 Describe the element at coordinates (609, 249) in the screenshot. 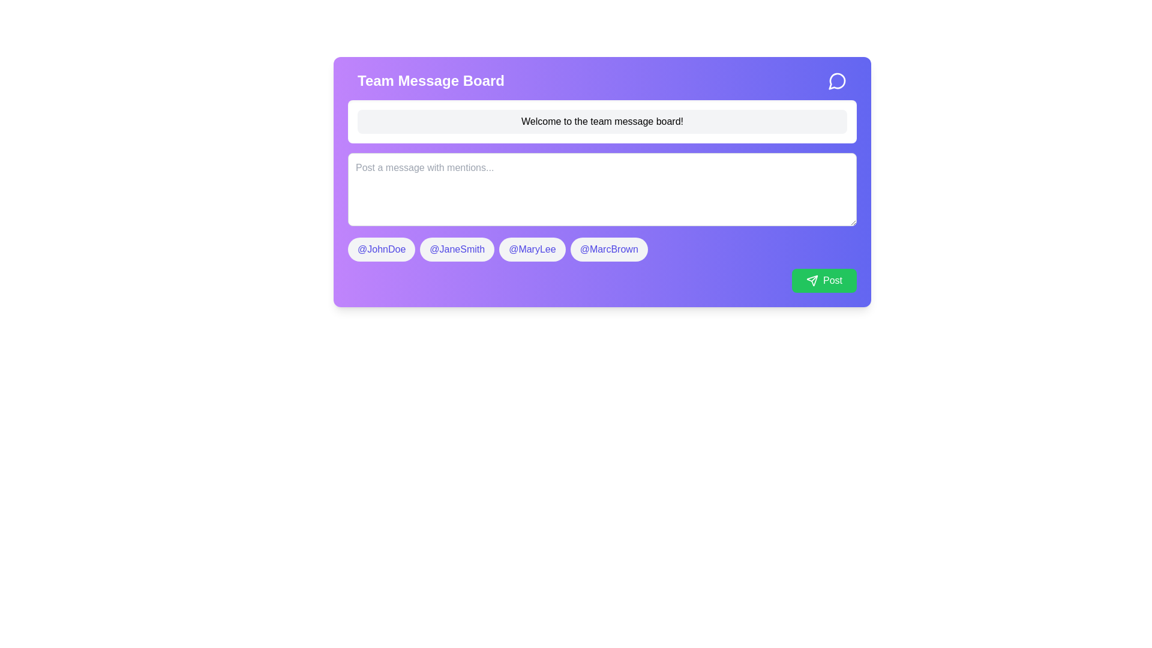

I see `the rounded rectangle button labeled '@MarcBrown' for reordering purposes, which is the fourth button in a horizontal sequence at the bottom of the interface` at that location.